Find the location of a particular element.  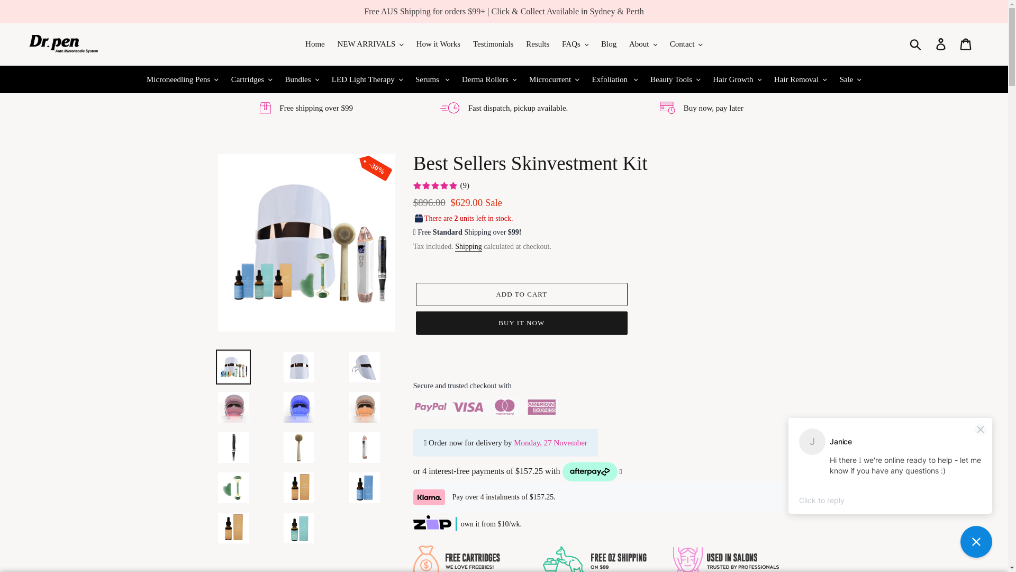

'Shipping' is located at coordinates (468, 247).